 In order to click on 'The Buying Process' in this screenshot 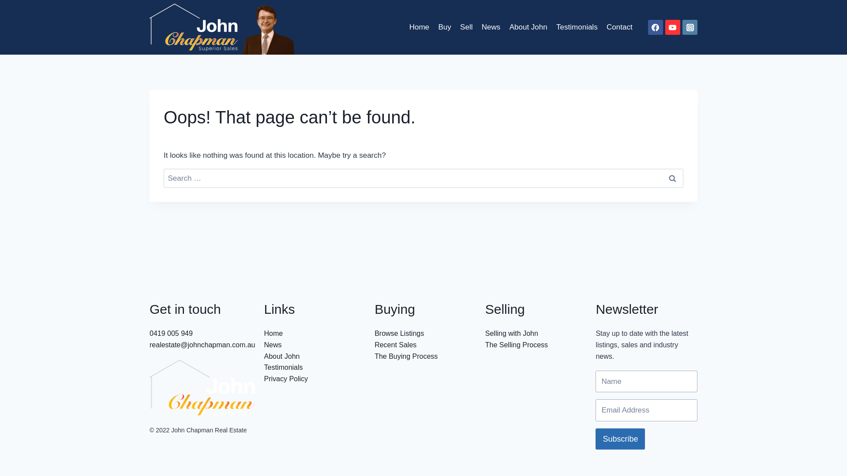, I will do `click(405, 356)`.